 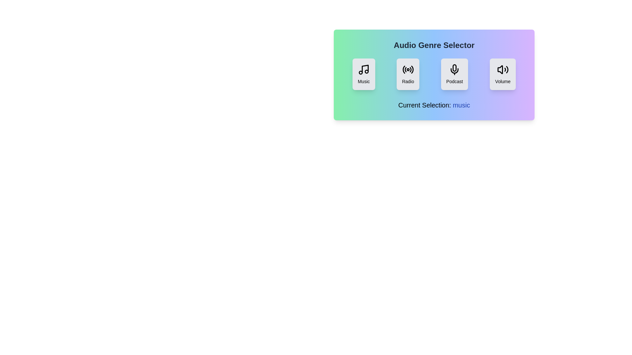 What do you see at coordinates (454, 74) in the screenshot?
I see `the genre Podcast by clicking on its button` at bounding box center [454, 74].